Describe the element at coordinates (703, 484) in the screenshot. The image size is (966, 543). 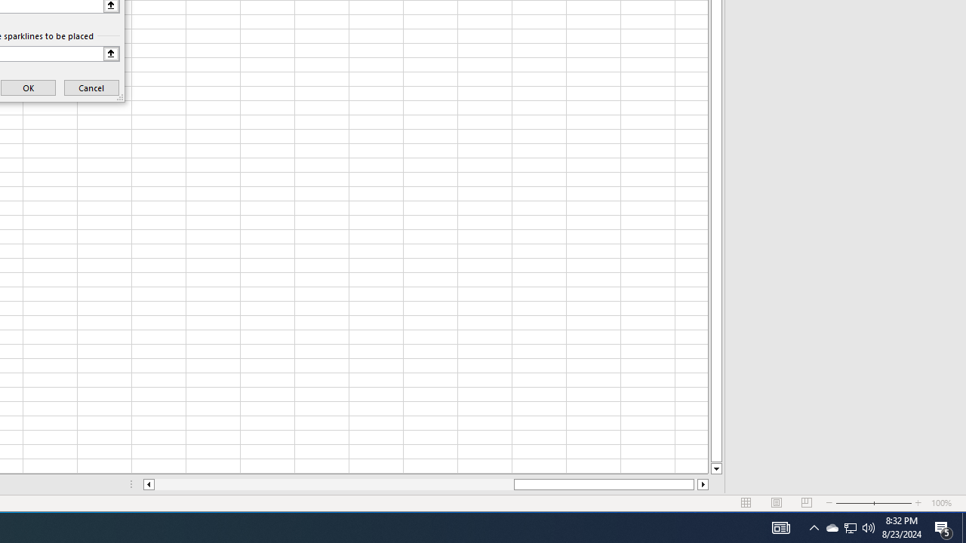
I see `'Column right'` at that location.